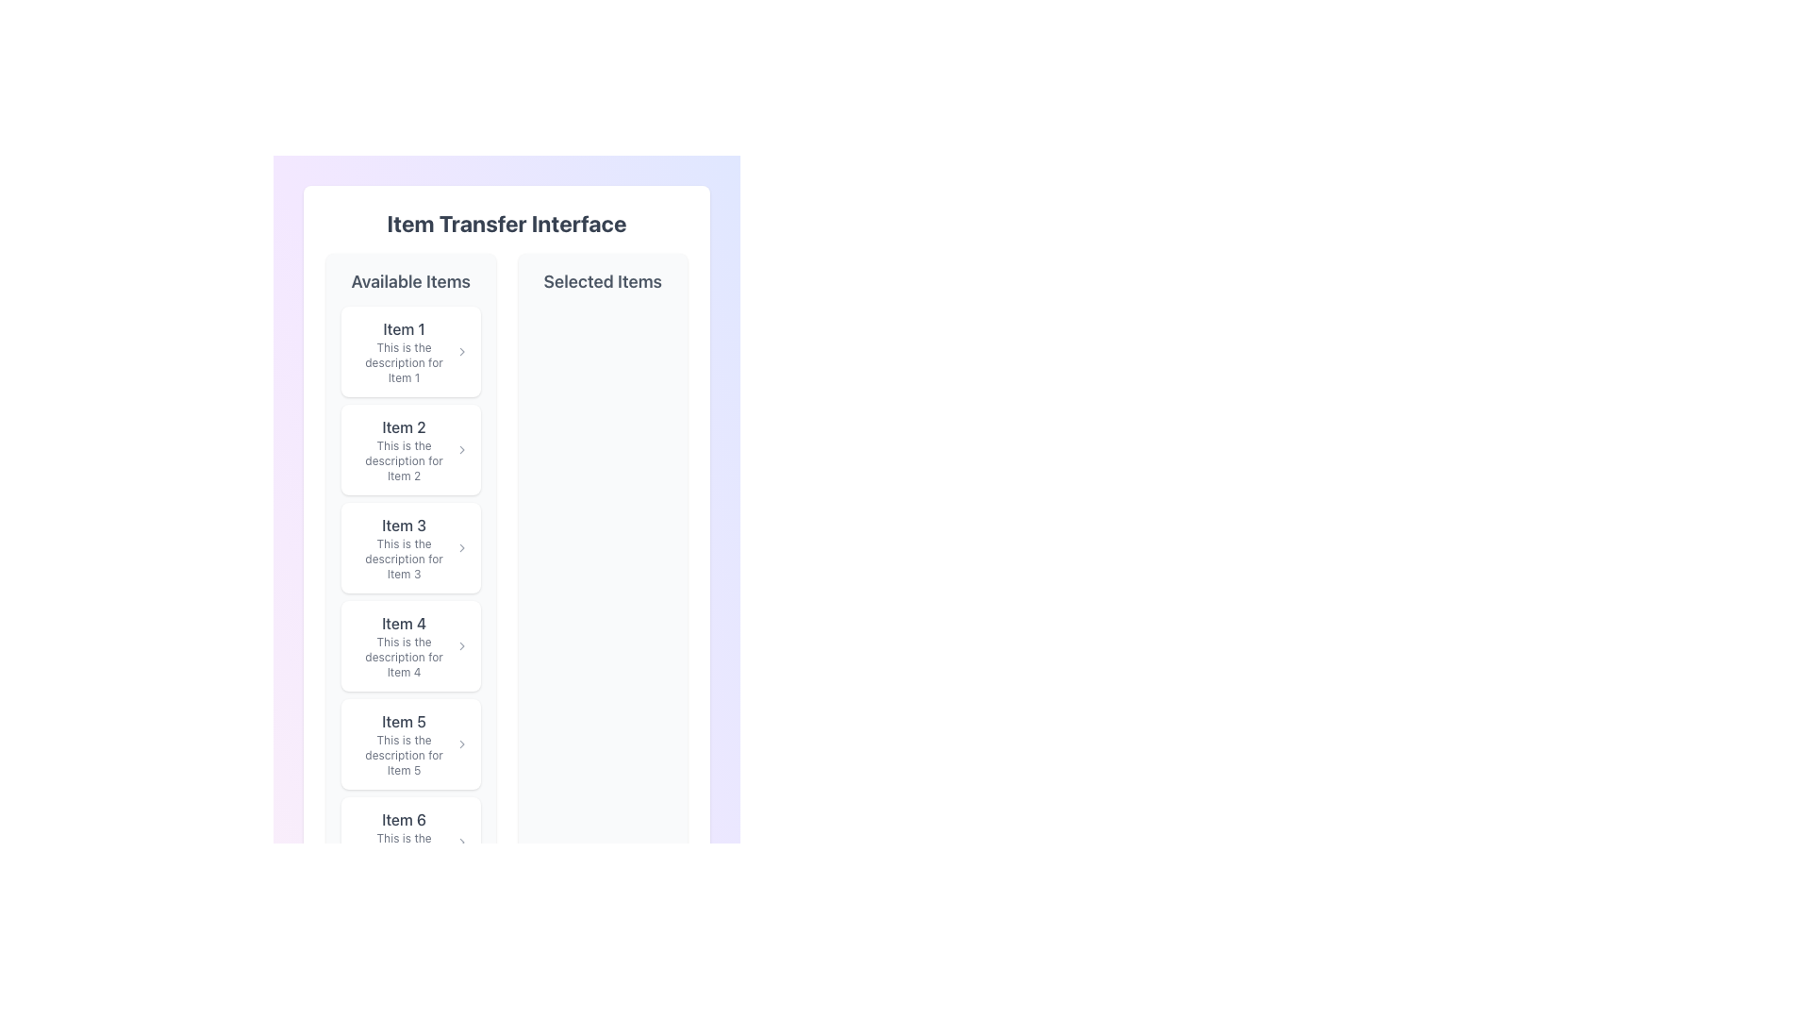  Describe the element at coordinates (409, 282) in the screenshot. I see `text label 'Available Items' which is styled in large, bold gray font, serving as the header for the section of available items` at that location.